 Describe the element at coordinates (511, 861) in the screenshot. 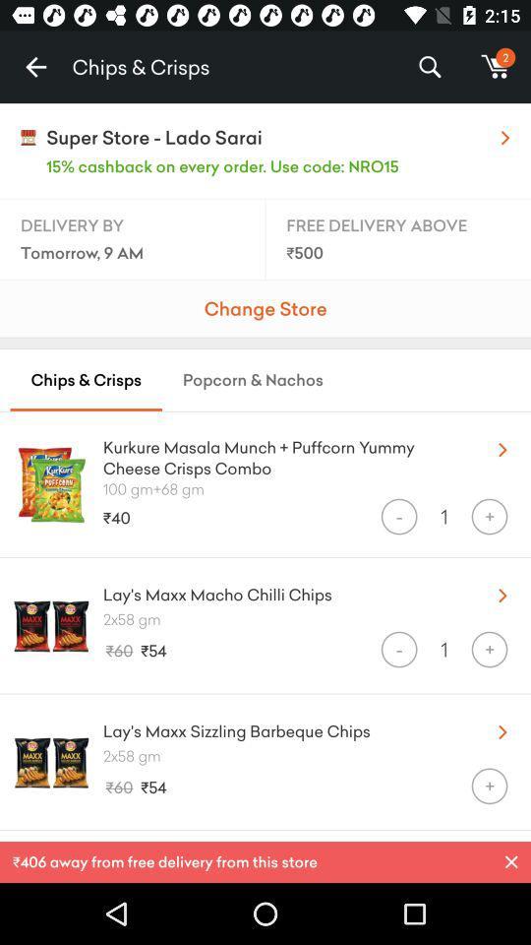

I see `p` at that location.